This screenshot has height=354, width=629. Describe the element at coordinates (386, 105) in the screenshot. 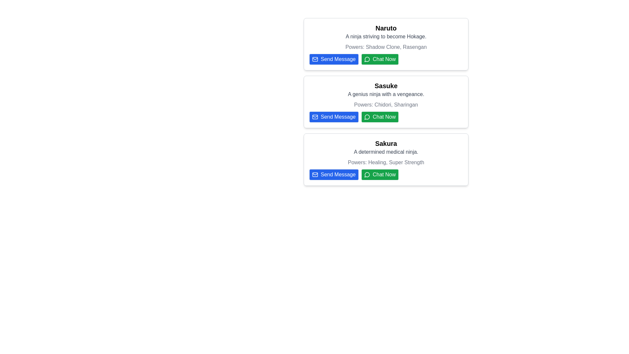

I see `the text 'Powers: Chidori, Sharingan' displayed in a smaller, gray font within the middle card of the vertically-arranged list, directly below the title 'Sasuke' and the description 'A genius ninja with a vengeance.' for copying` at that location.